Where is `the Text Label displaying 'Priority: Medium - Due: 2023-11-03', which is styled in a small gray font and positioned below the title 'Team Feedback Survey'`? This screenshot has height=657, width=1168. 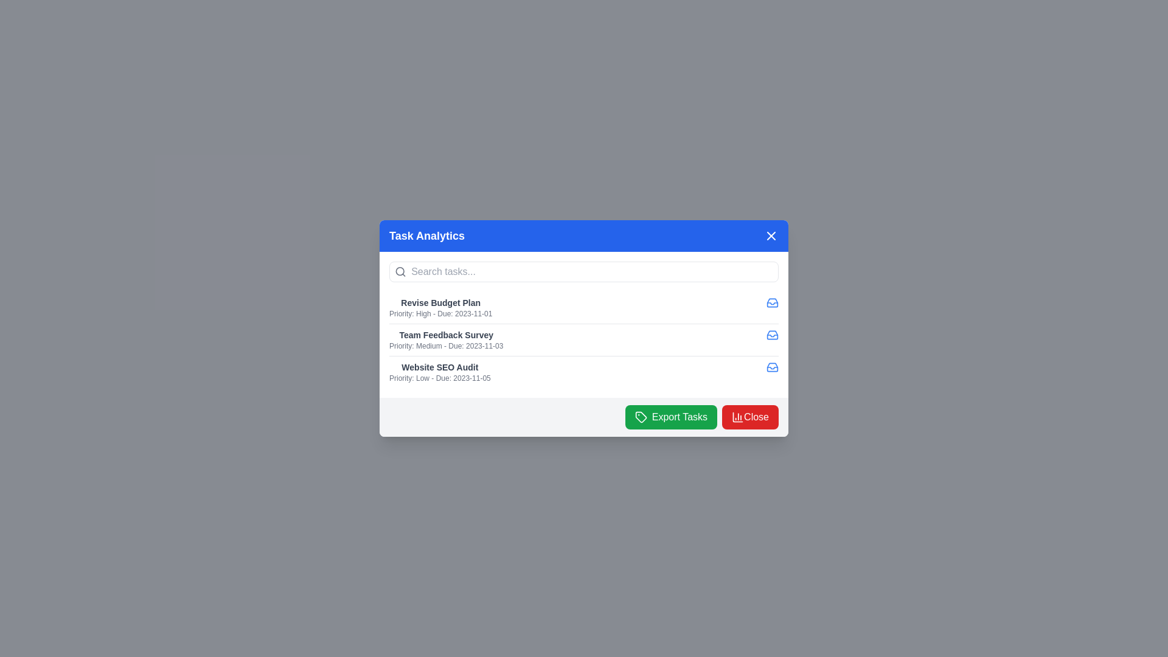 the Text Label displaying 'Priority: Medium - Due: 2023-11-03', which is styled in a small gray font and positioned below the title 'Team Feedback Survey' is located at coordinates (445, 346).